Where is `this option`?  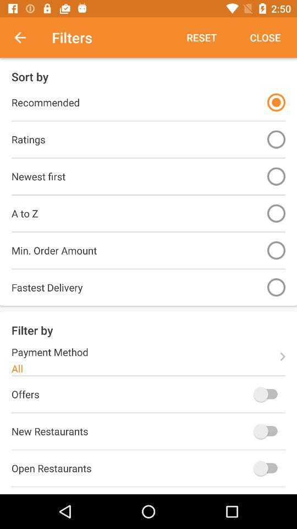
this option is located at coordinates (276, 102).